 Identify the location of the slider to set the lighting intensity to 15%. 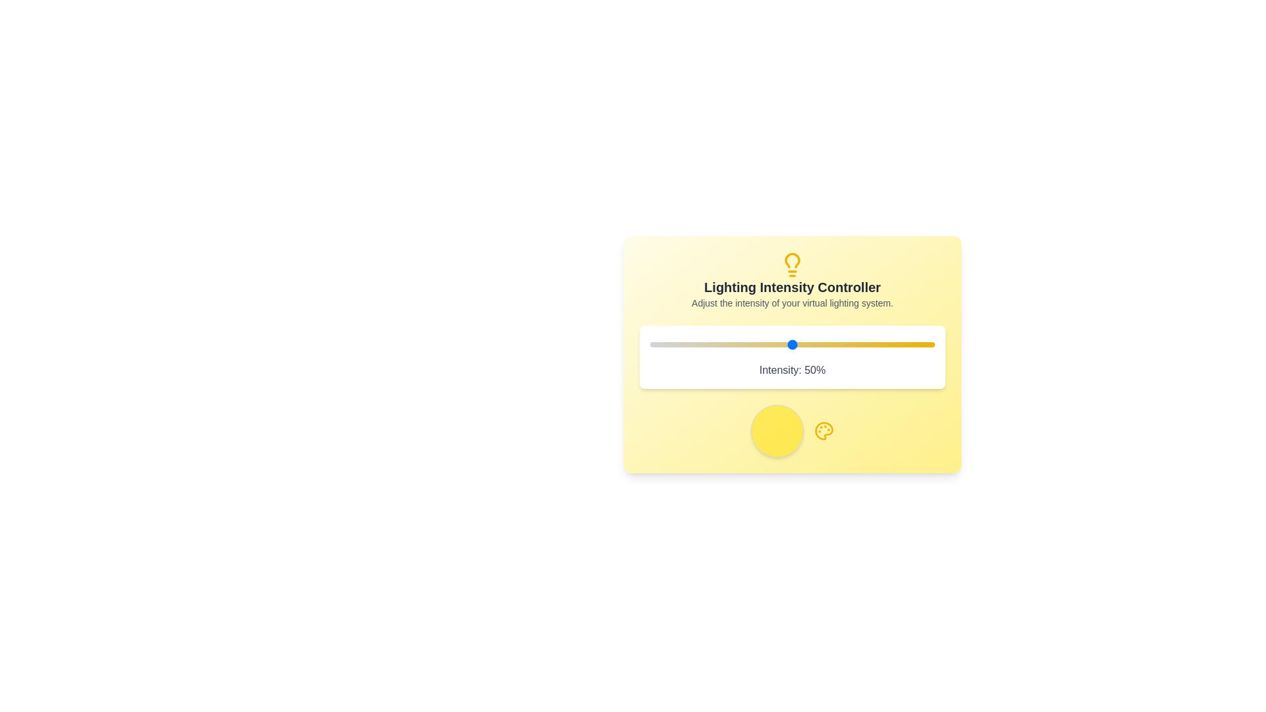
(692, 344).